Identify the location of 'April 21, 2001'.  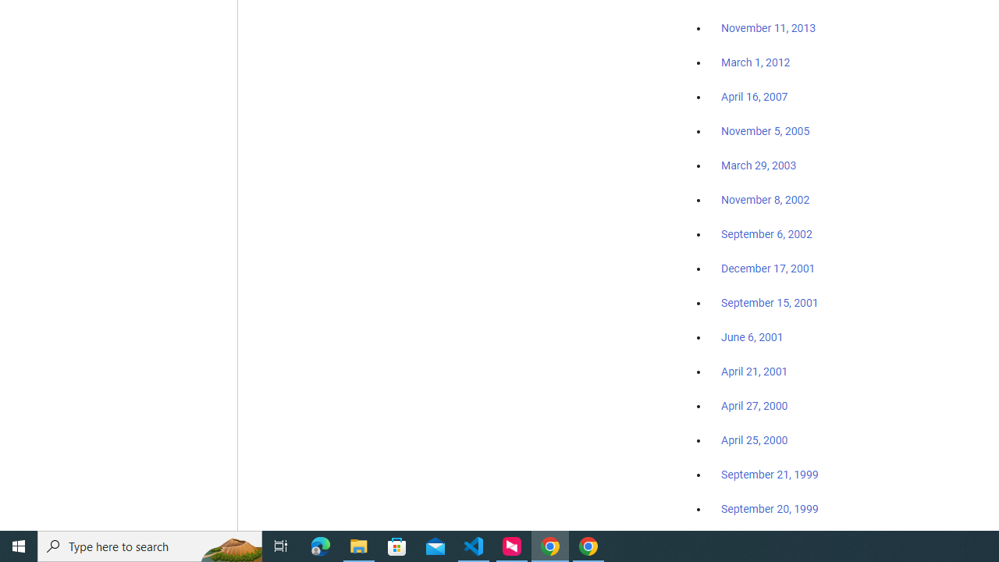
(755, 372).